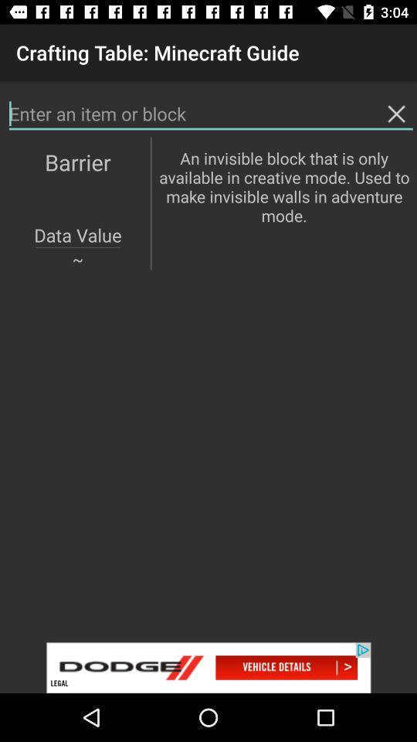 The height and width of the screenshot is (742, 417). Describe the element at coordinates (210, 113) in the screenshot. I see `the searching word and close it option` at that location.